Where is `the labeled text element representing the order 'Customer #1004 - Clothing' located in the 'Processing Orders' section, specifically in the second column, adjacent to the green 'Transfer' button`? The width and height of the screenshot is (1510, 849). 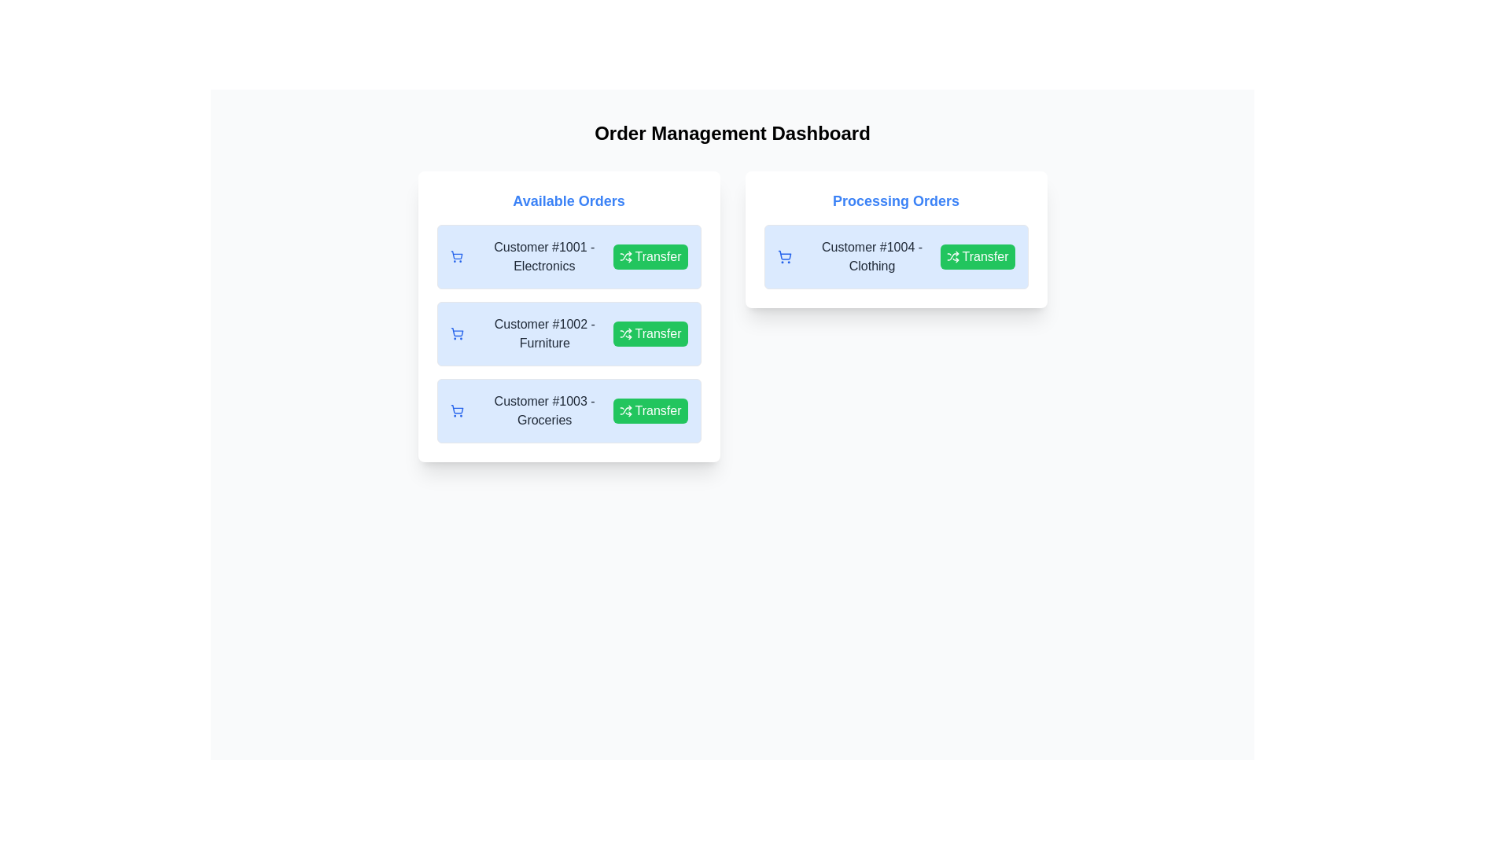
the labeled text element representing the order 'Customer #1004 - Clothing' located in the 'Processing Orders' section, specifically in the second column, adjacent to the green 'Transfer' button is located at coordinates (858, 256).